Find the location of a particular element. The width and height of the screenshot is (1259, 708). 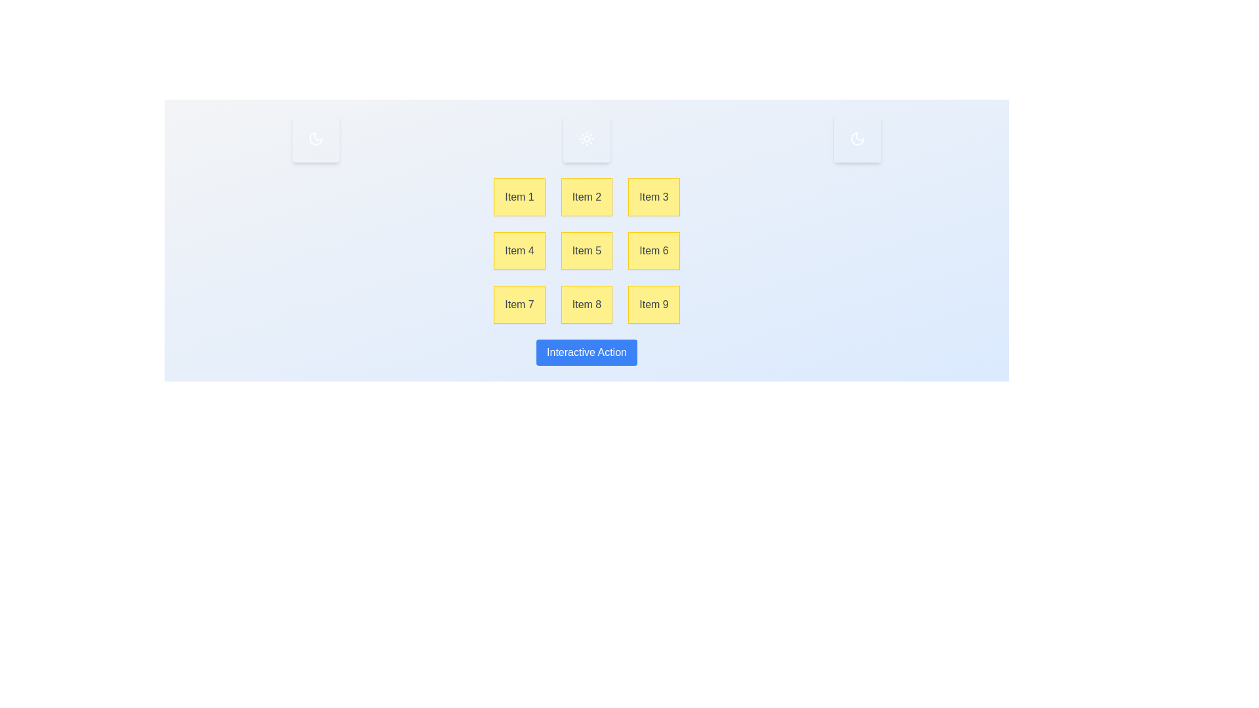

the text label reading 'Item 9' which is styled in gray text on a yellow background, located in the third row and third column of a grid of items is located at coordinates (654, 304).